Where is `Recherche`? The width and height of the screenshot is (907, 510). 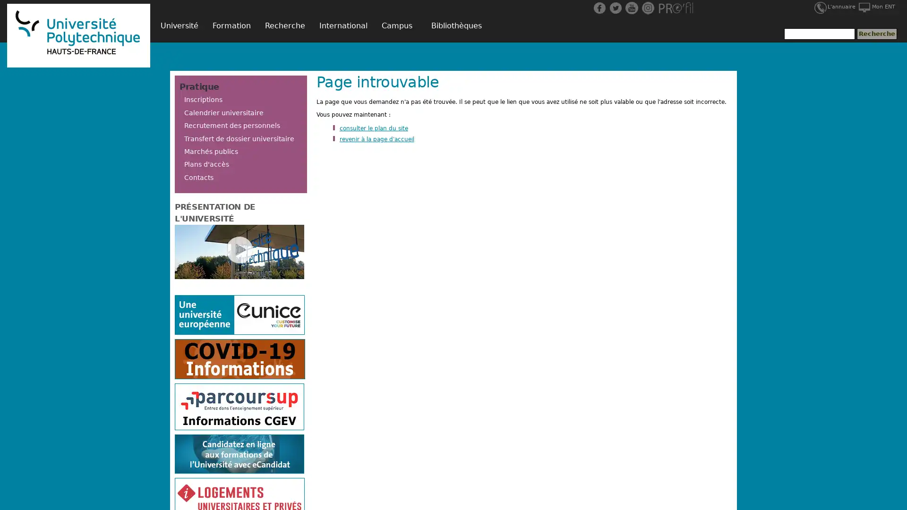
Recherche is located at coordinates (876, 33).